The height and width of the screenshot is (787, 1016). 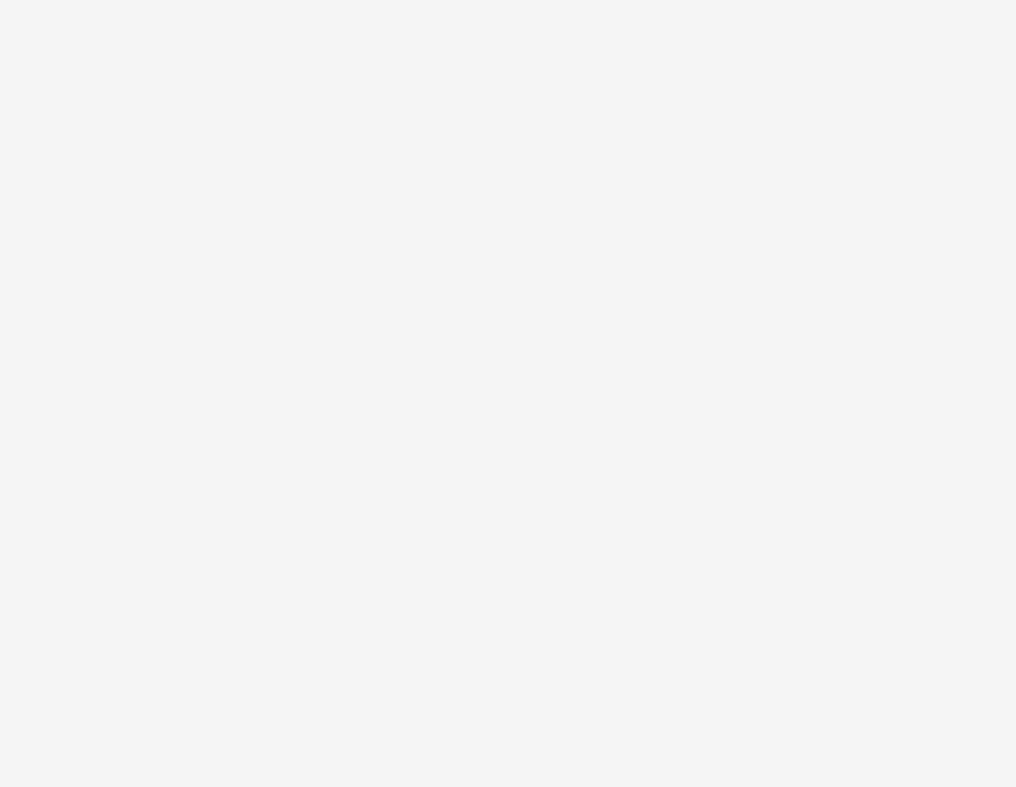 What do you see at coordinates (203, 528) in the screenshot?
I see `'mediarelations@blackberry.com'` at bounding box center [203, 528].